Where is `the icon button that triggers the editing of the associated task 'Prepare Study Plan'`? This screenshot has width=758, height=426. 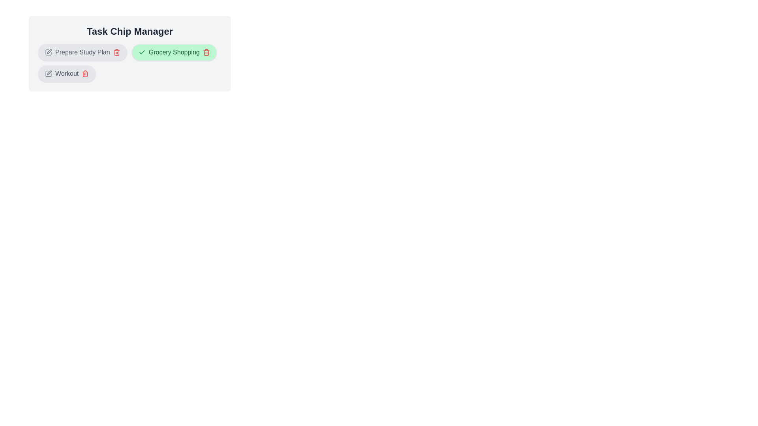 the icon button that triggers the editing of the associated task 'Prepare Study Plan' is located at coordinates (48, 52).